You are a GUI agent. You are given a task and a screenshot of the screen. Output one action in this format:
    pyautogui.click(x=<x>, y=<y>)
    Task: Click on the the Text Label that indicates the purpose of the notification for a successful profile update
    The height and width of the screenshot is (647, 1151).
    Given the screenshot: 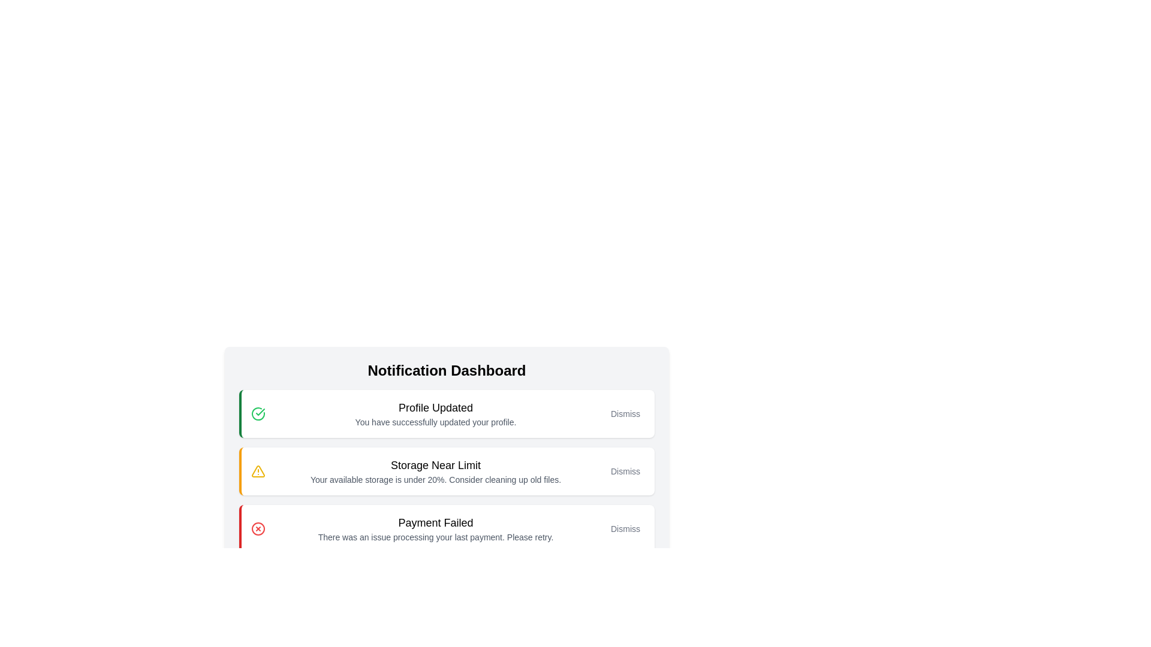 What is the action you would take?
    pyautogui.click(x=435, y=407)
    